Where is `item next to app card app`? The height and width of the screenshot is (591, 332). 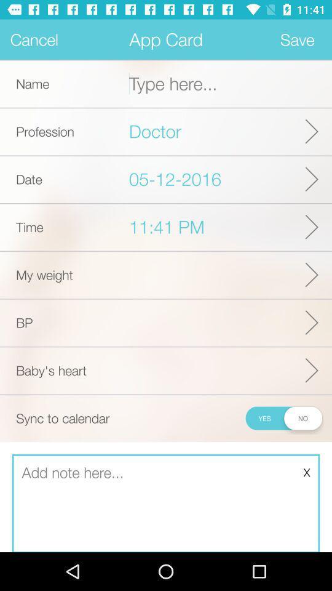
item next to app card app is located at coordinates (34, 39).